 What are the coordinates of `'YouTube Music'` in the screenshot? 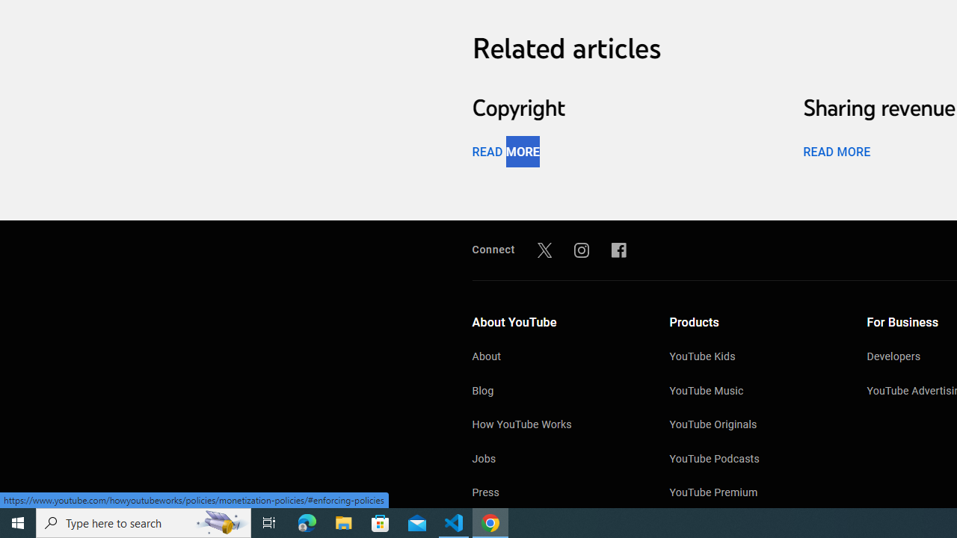 It's located at (753, 391).